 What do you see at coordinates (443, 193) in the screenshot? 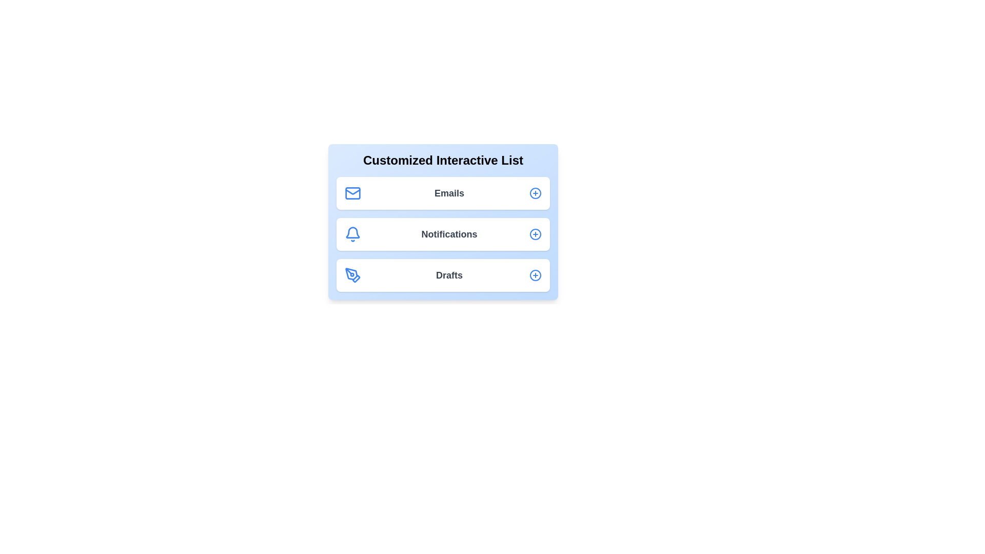
I see `the element corresponding to Emails` at bounding box center [443, 193].